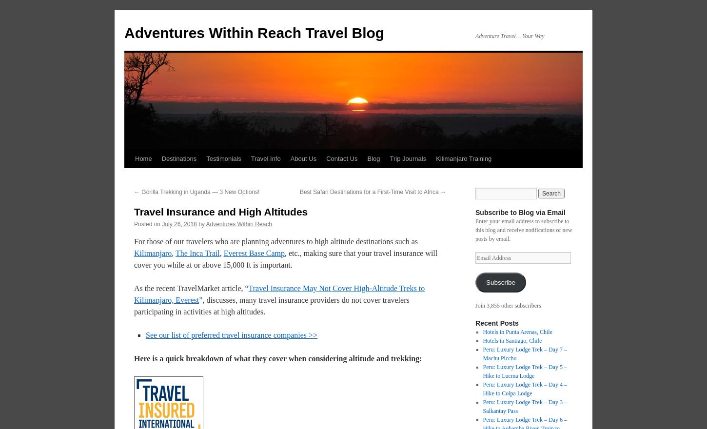 Image resolution: width=707 pixels, height=429 pixels. What do you see at coordinates (139, 191) in the screenshot?
I see `'Gorilla Trekking in Uganda — 3 New Options!'` at bounding box center [139, 191].